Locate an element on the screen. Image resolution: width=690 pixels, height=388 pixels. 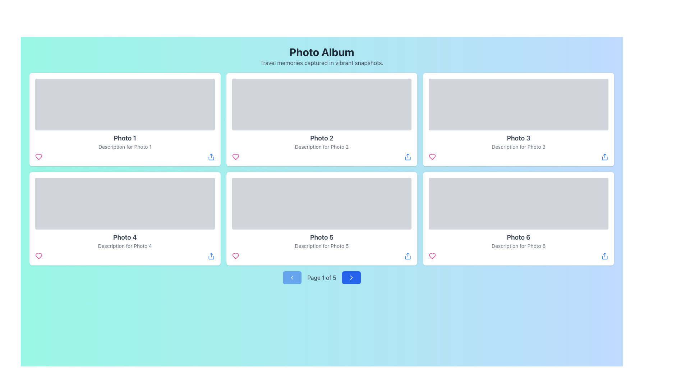
the pink heart-shaped icon button located at the bottom-left corner of the 'Photo 6' tile is located at coordinates (432, 256).